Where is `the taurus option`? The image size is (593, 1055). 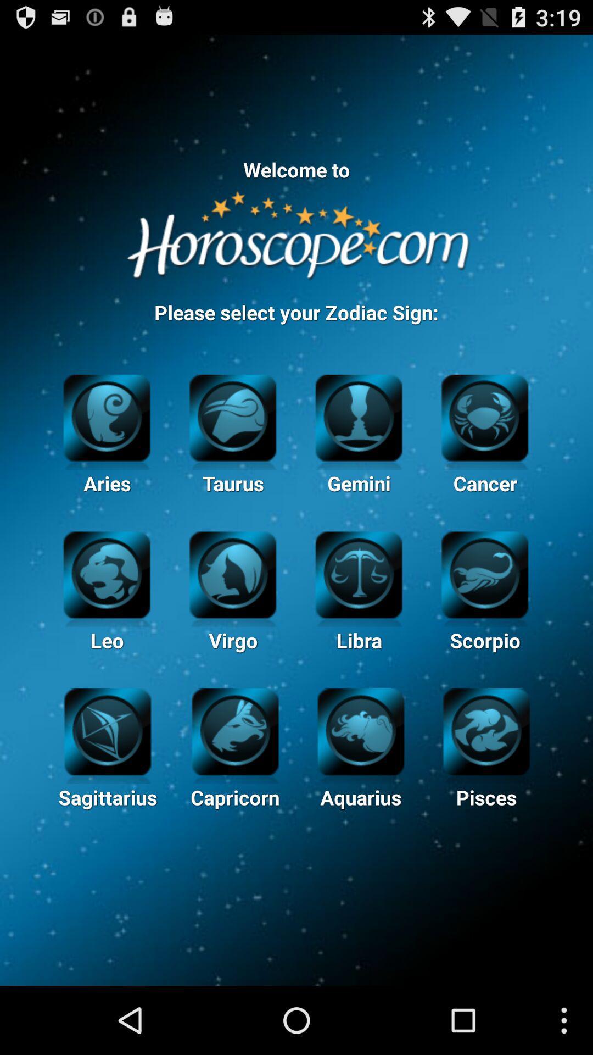 the taurus option is located at coordinates (232, 415).